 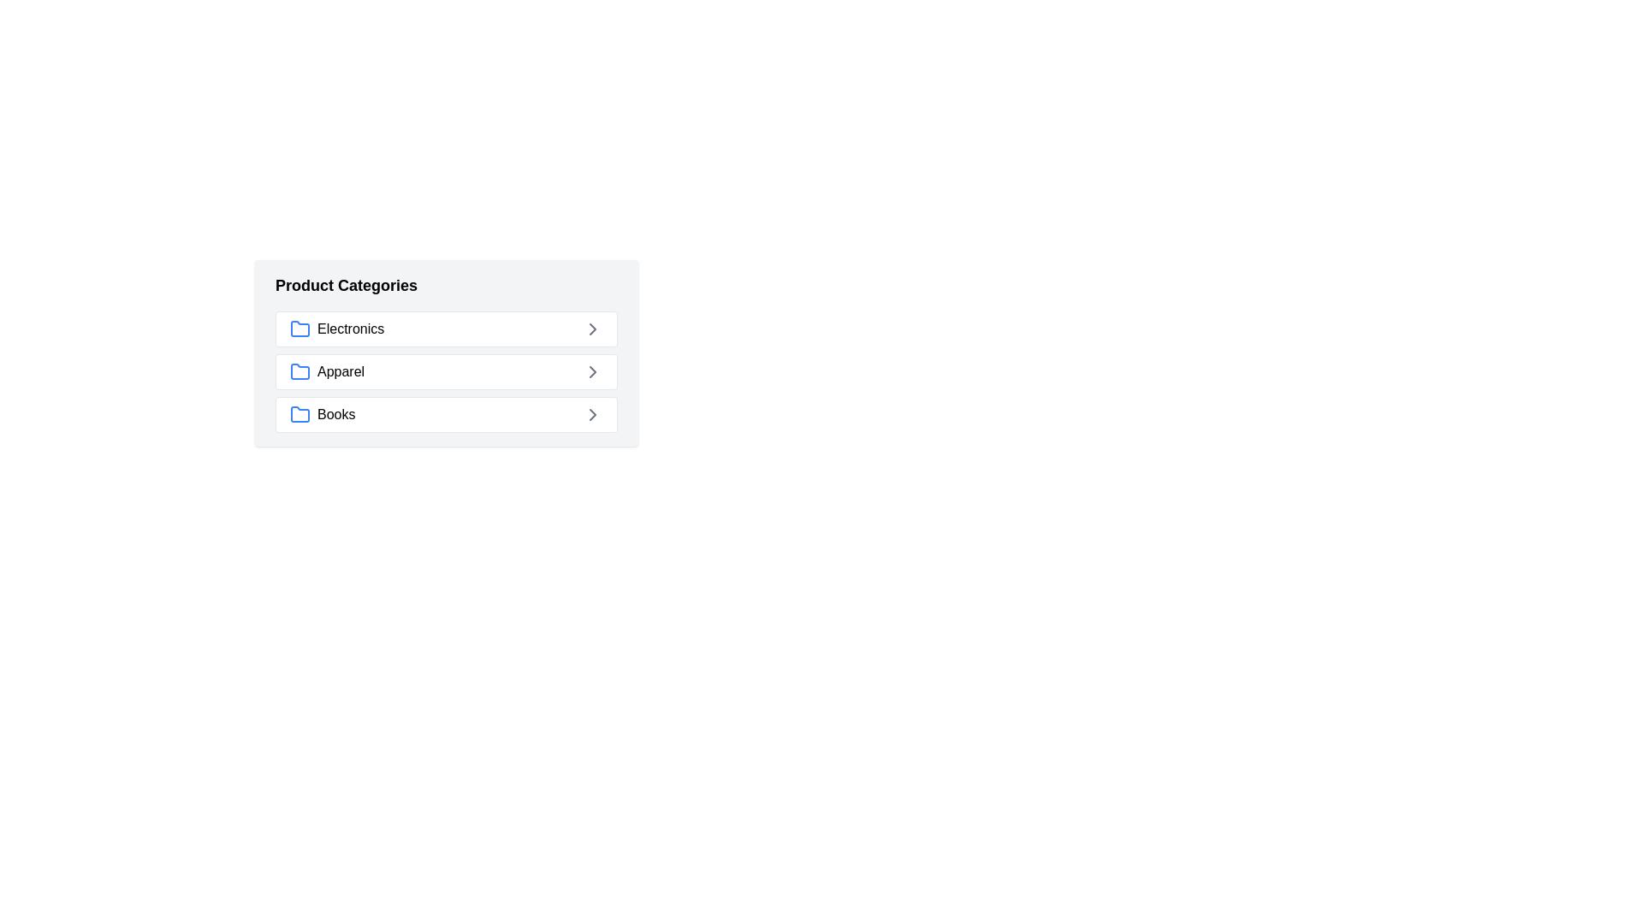 I want to click on the third entry in the vertical list labeled 'Books', so click(x=447, y=415).